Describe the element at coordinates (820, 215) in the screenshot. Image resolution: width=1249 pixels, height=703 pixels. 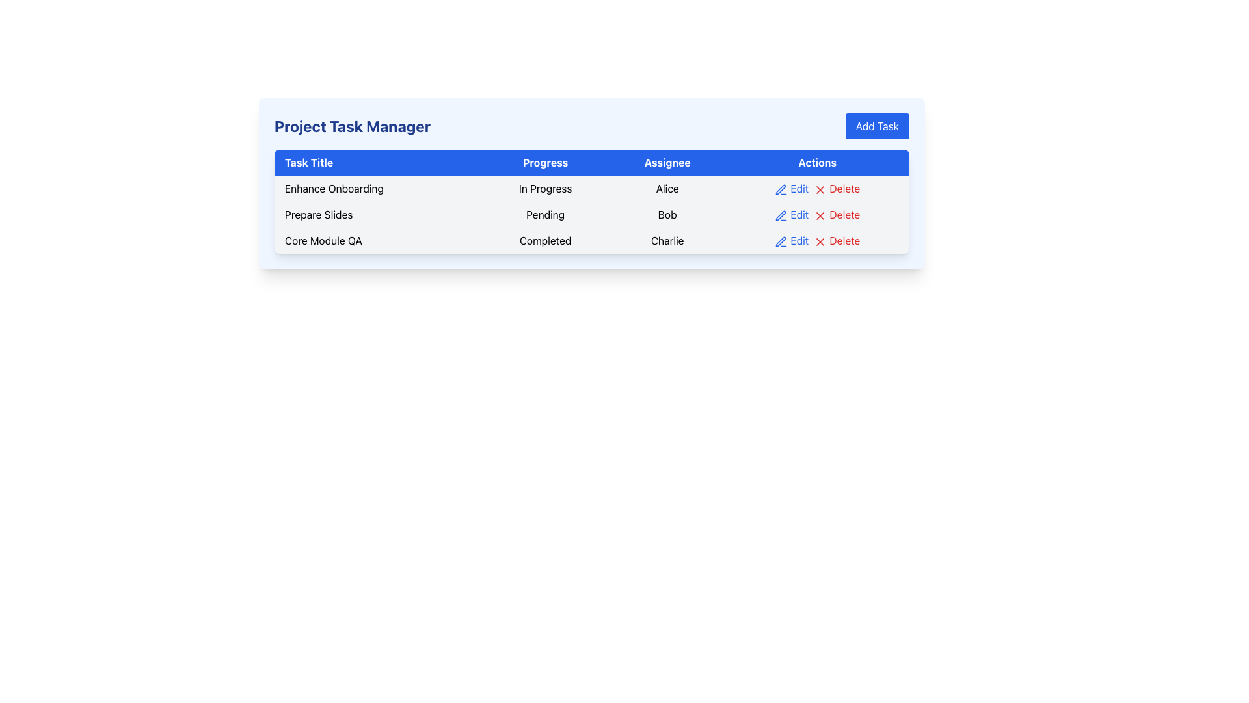
I see `the second red diagonal cross symbol in the Actions column` at that location.